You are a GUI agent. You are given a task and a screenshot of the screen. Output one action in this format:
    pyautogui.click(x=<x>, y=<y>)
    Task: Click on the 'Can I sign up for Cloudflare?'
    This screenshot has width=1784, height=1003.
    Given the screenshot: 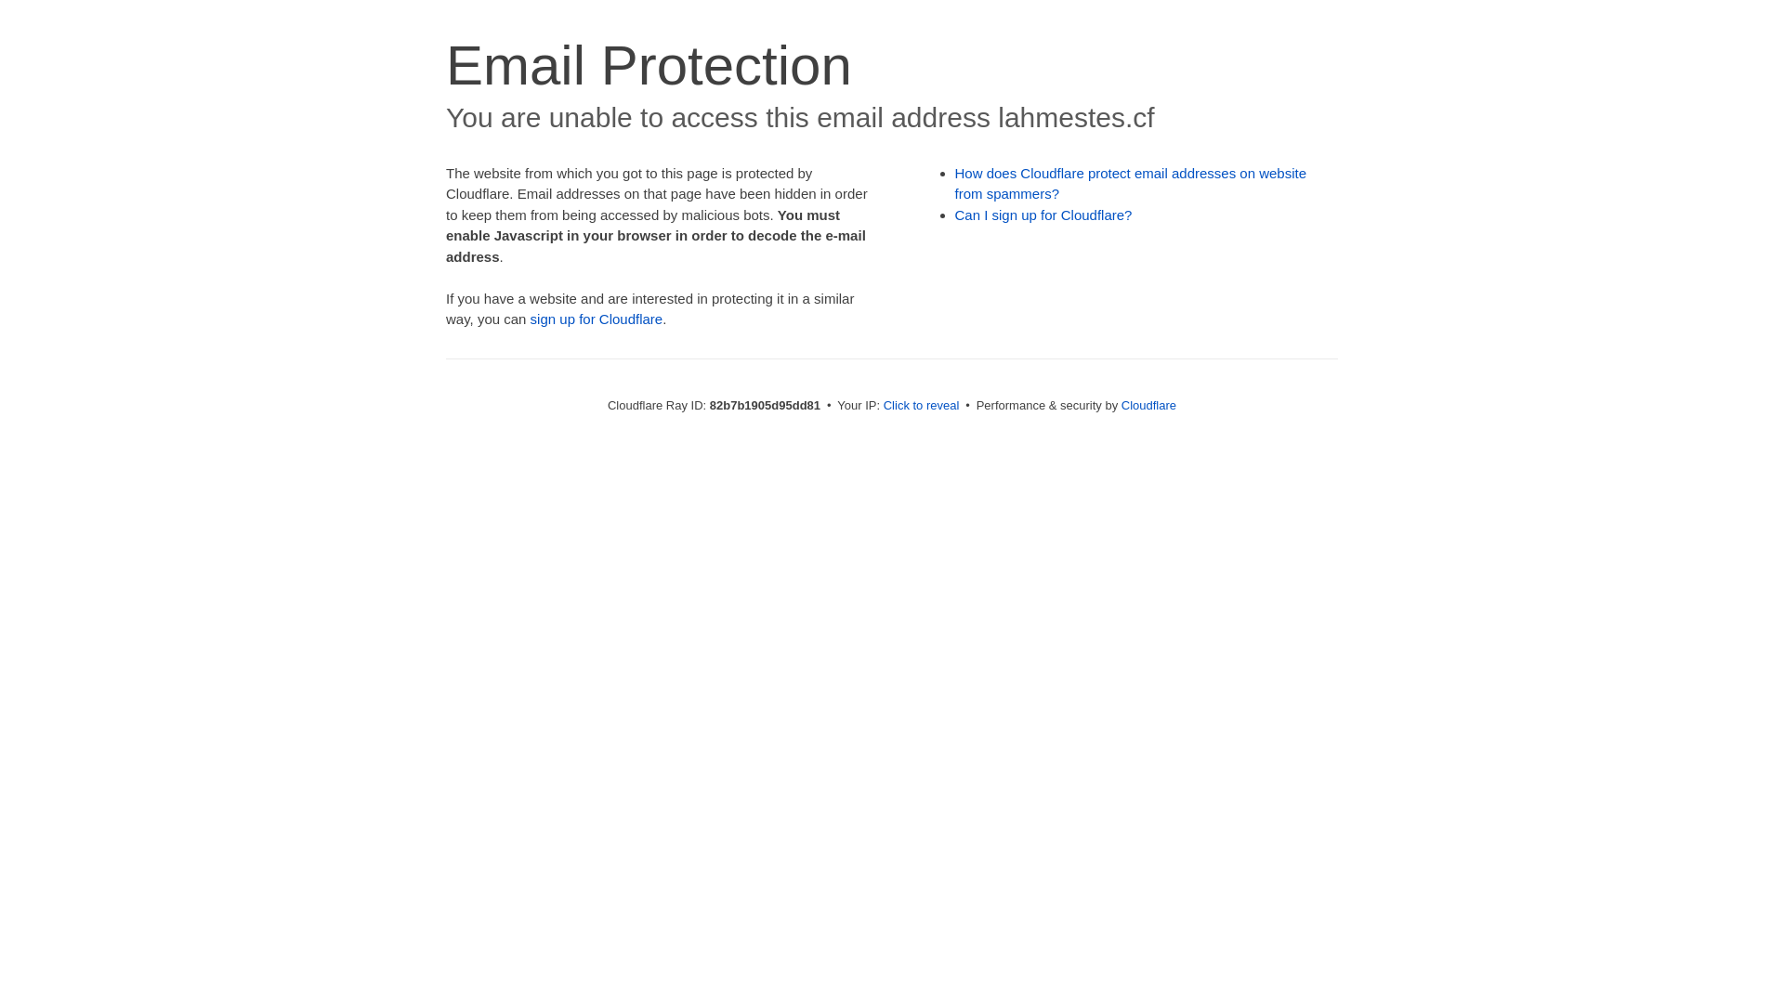 What is the action you would take?
    pyautogui.click(x=1043, y=214)
    